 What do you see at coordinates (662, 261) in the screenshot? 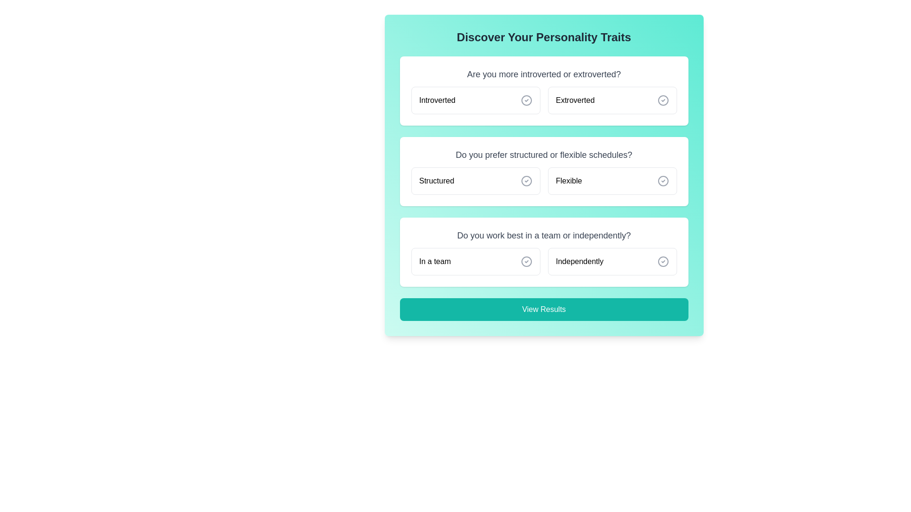
I see `the SVG circle indicating selection or status adjacent to the 'Independently' option in the third question of the quiz interface` at bounding box center [662, 261].